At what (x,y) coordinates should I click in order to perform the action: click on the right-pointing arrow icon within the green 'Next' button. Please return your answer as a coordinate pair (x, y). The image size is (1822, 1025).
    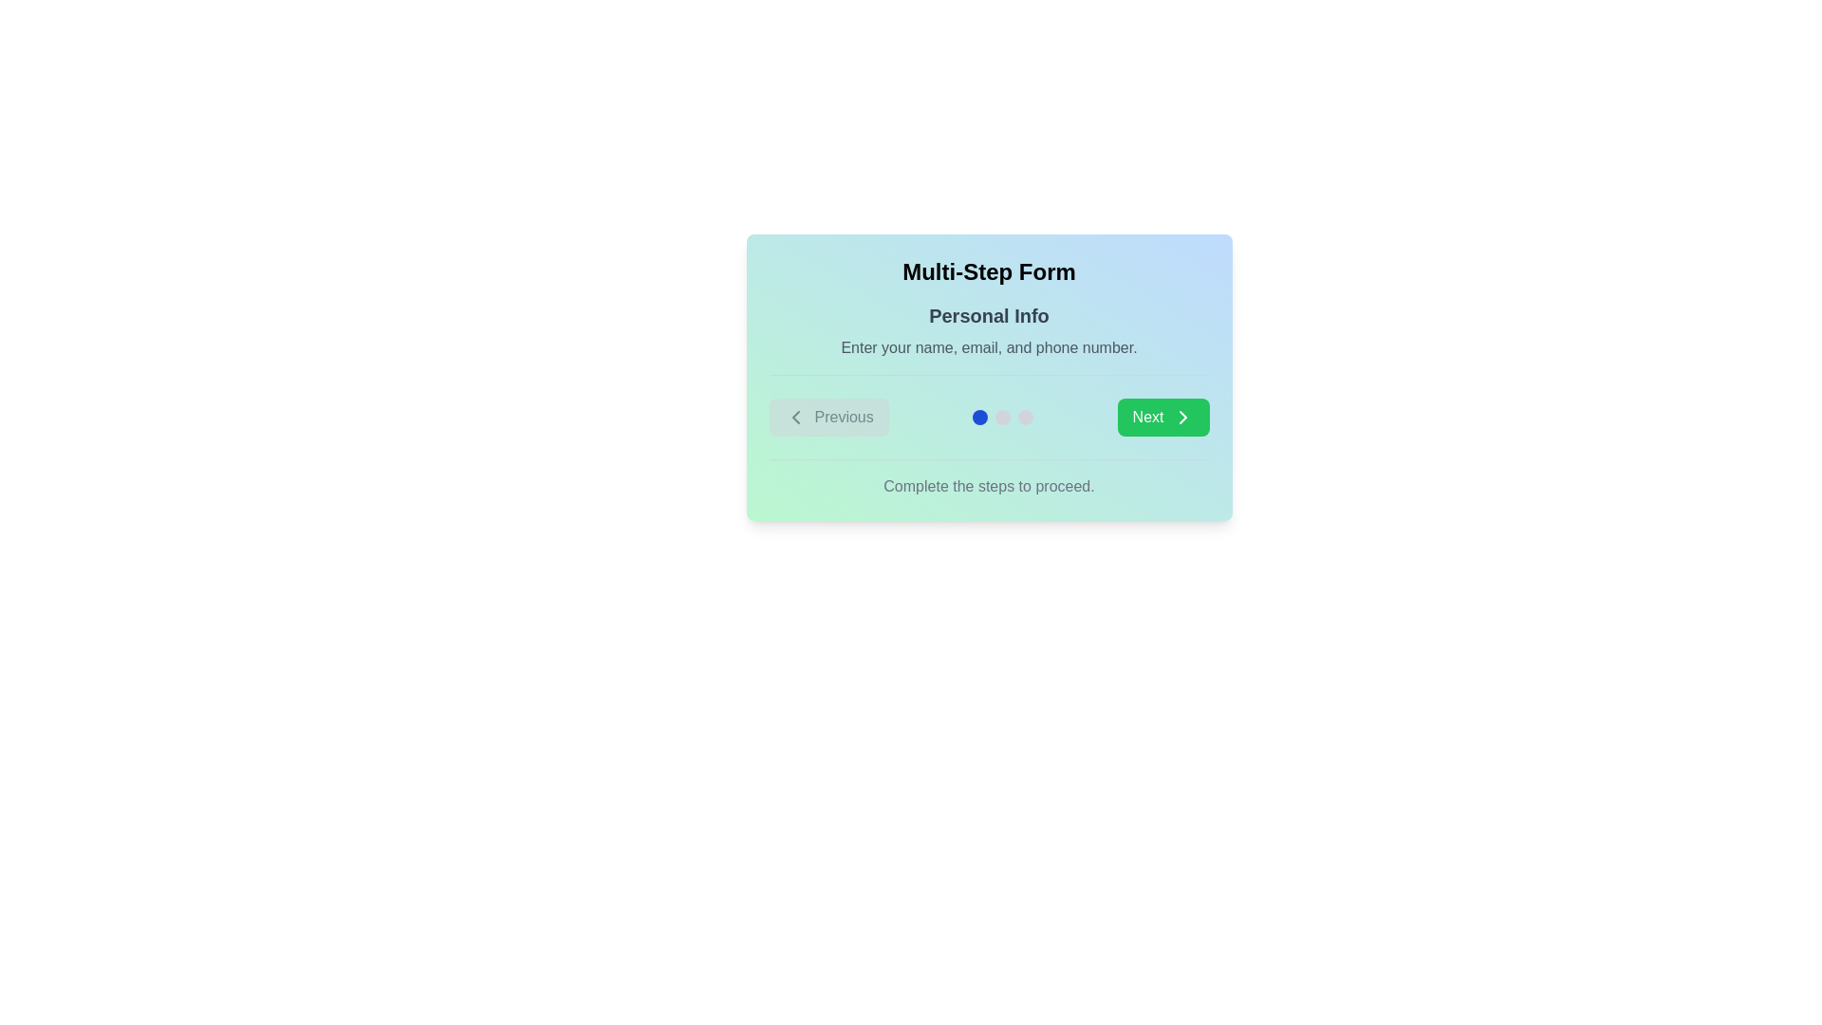
    Looking at the image, I should click on (1181, 416).